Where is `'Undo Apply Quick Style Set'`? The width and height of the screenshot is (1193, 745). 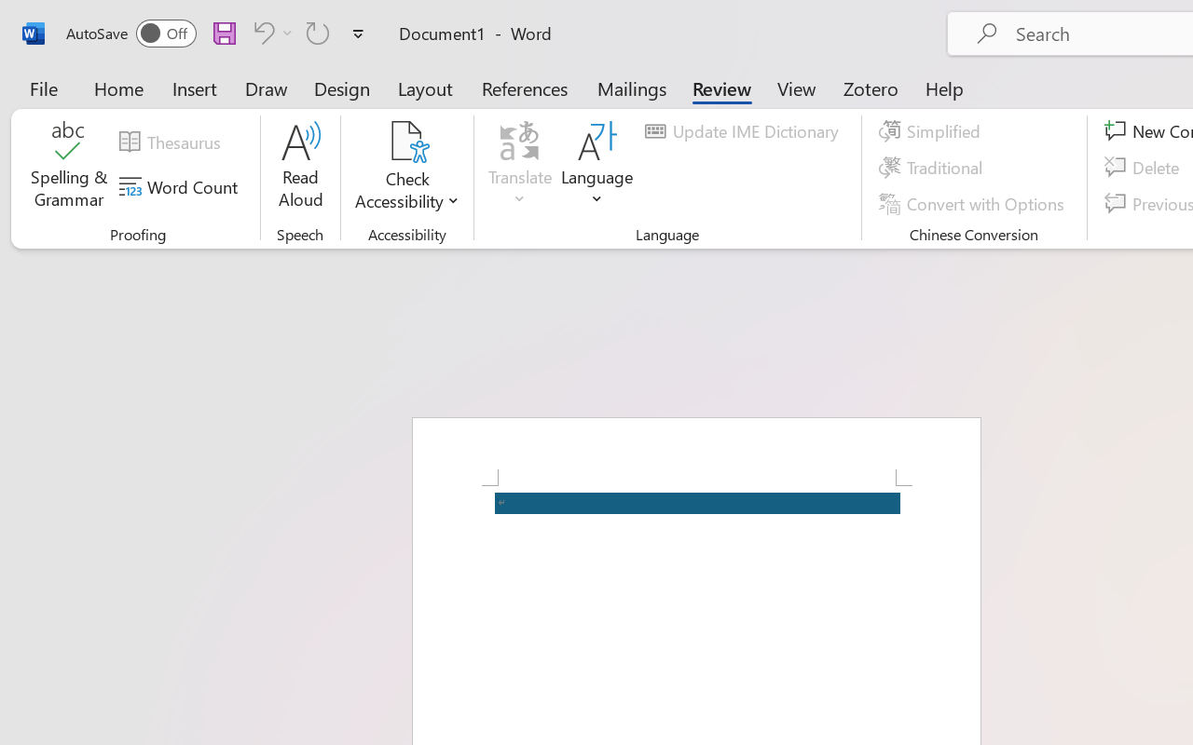 'Undo Apply Quick Style Set' is located at coordinates (260, 32).